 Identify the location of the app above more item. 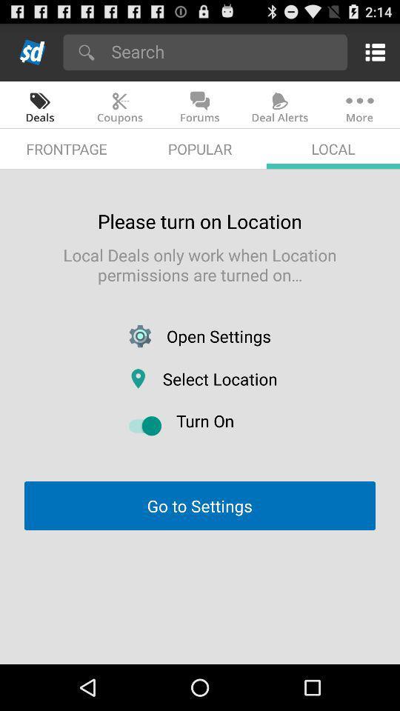
(372, 52).